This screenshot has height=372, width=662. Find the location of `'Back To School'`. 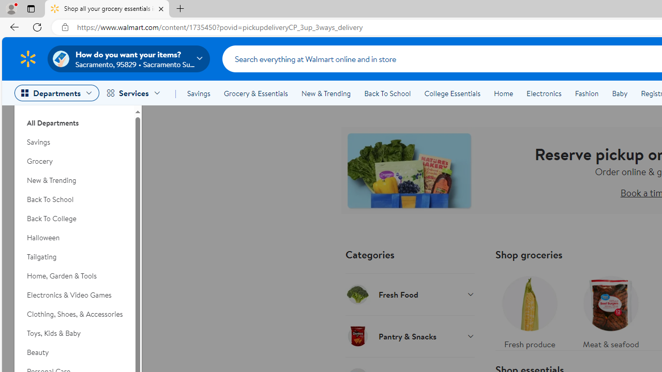

'Back To School' is located at coordinates (387, 94).